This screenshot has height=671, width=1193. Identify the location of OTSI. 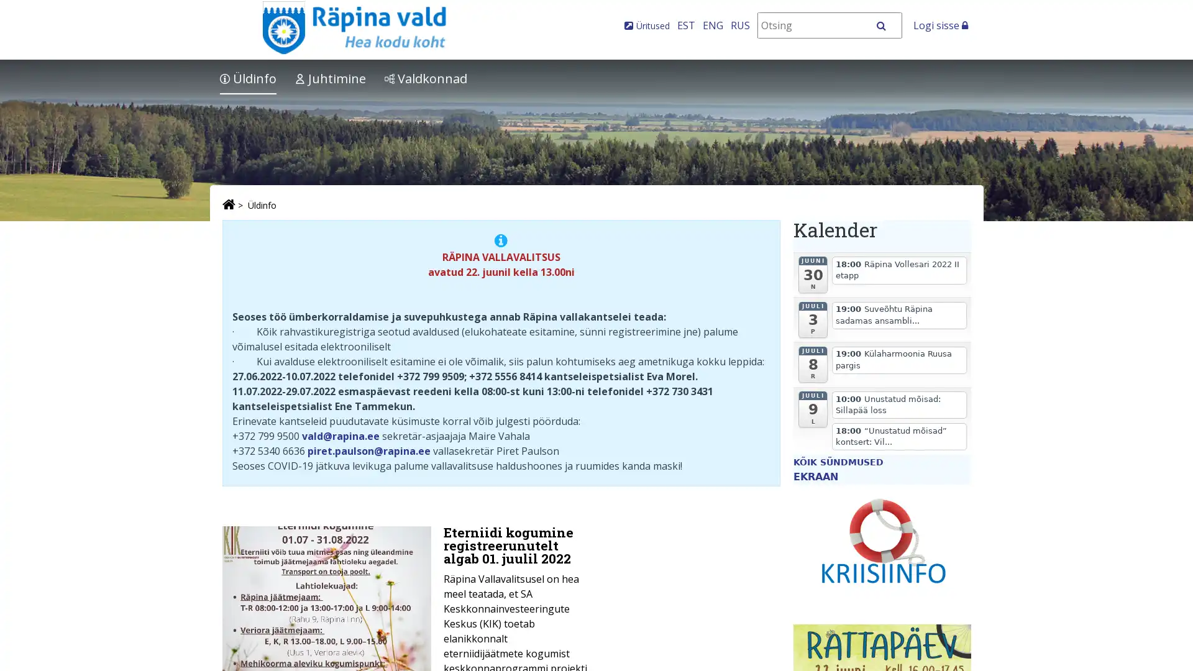
(887, 25).